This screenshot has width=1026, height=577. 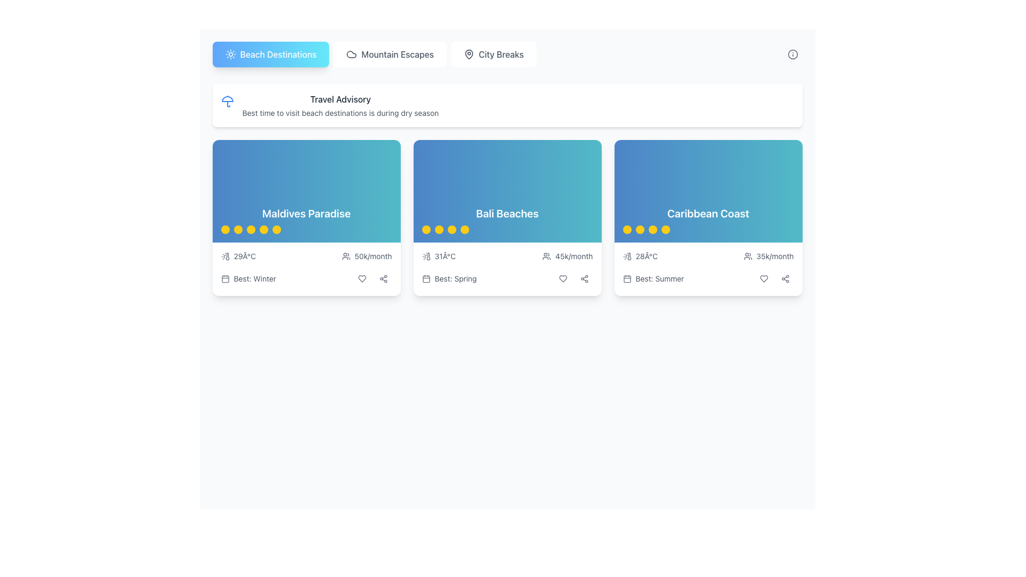 What do you see at coordinates (263, 229) in the screenshot?
I see `the appearance of the fourth yellow circular icon in the rating indicator located on the 'Maldives Paradise' card, which is positioned near the bottom of the card` at bounding box center [263, 229].